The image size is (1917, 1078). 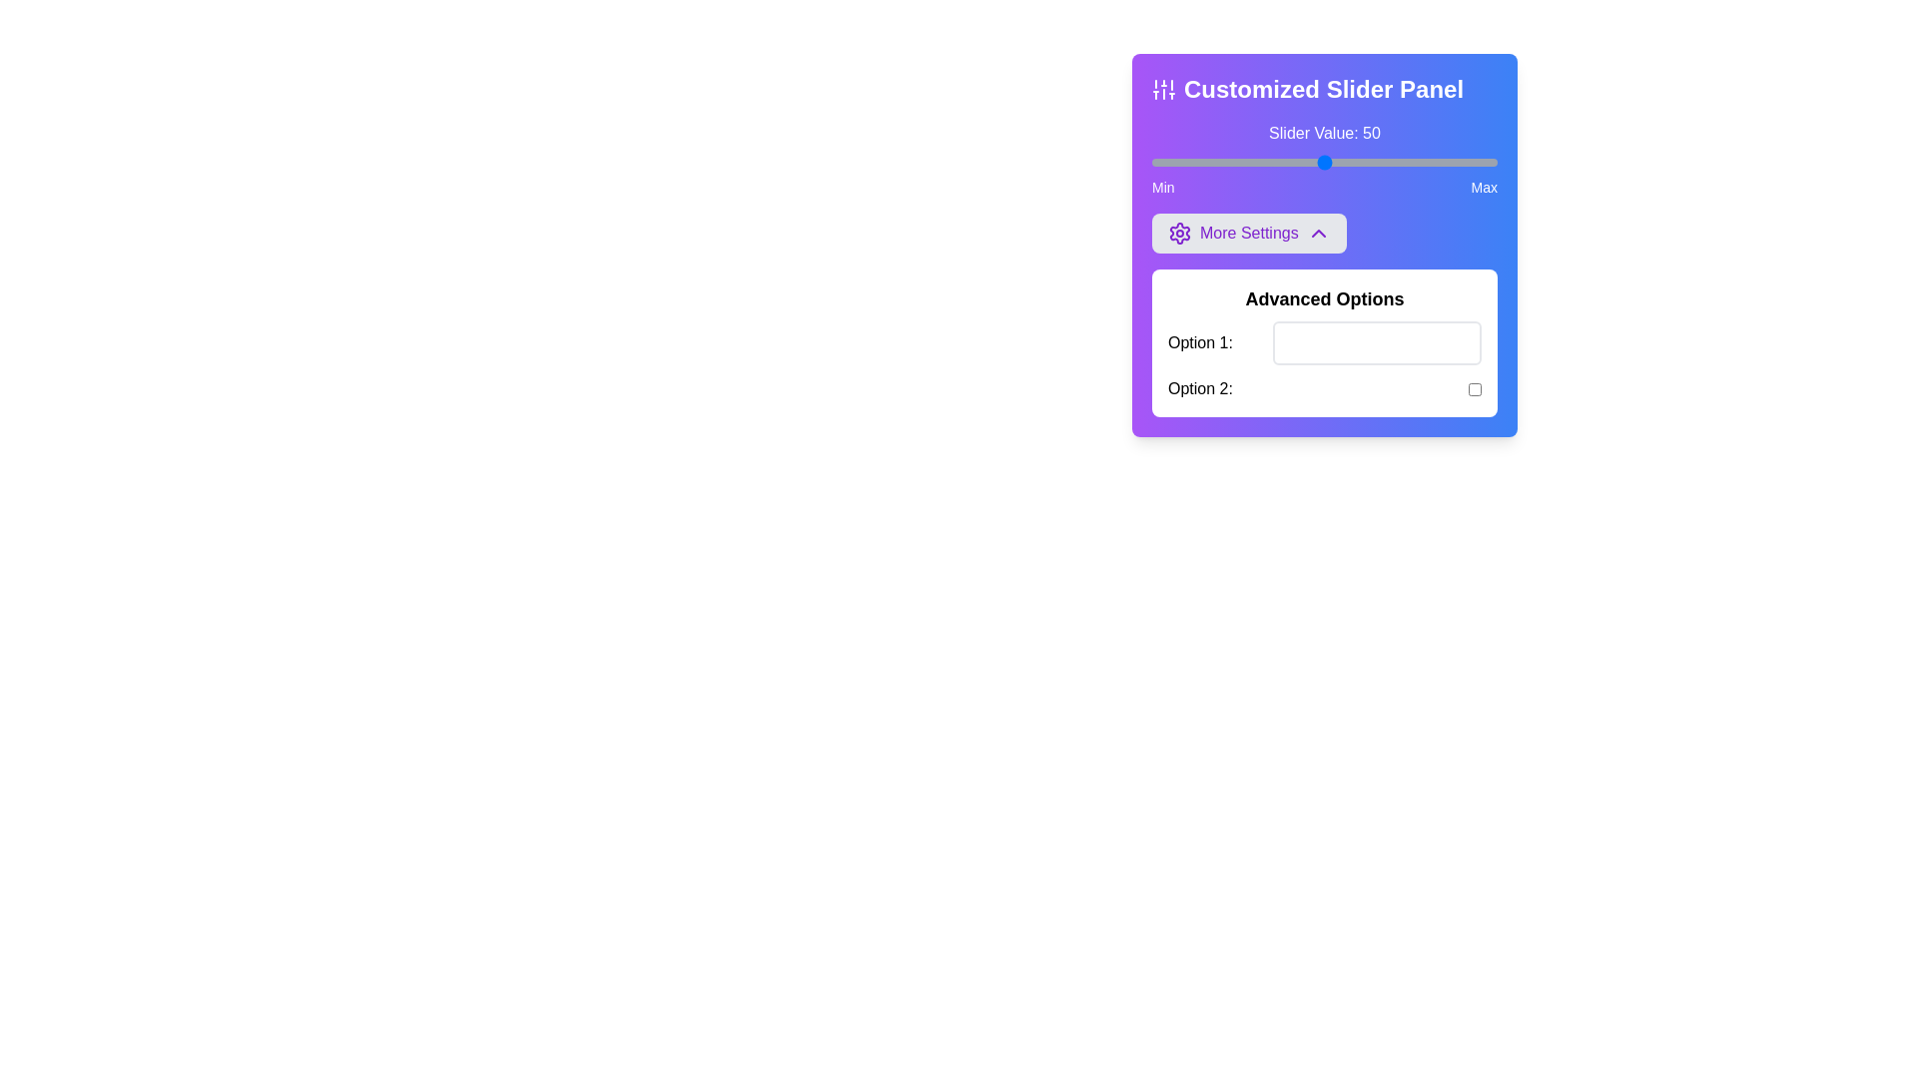 I want to click on the slider, so click(x=1304, y=161).